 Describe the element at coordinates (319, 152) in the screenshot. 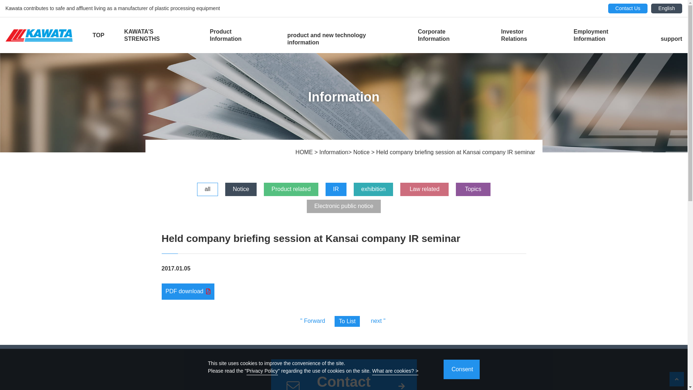

I see `'Information'` at that location.